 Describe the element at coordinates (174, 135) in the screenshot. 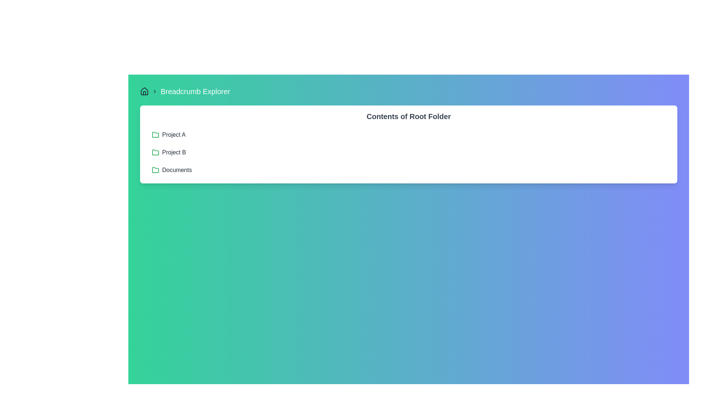

I see `the text label displaying 'Project A', which is styled in dark gray and positioned to the right of a green folder icon in the first position of a list` at that location.